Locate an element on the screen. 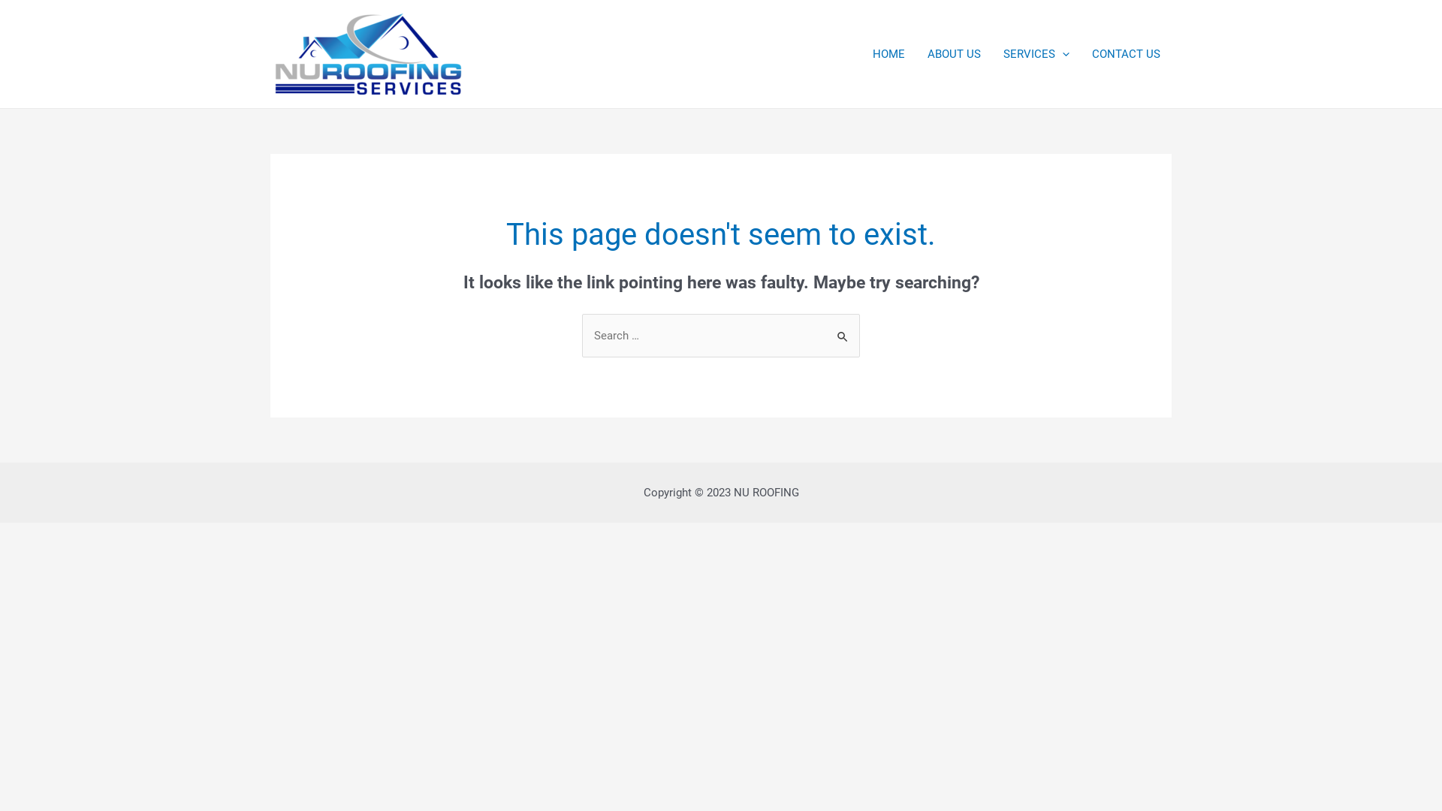 This screenshot has width=1442, height=811. 'HOME' is located at coordinates (888, 53).